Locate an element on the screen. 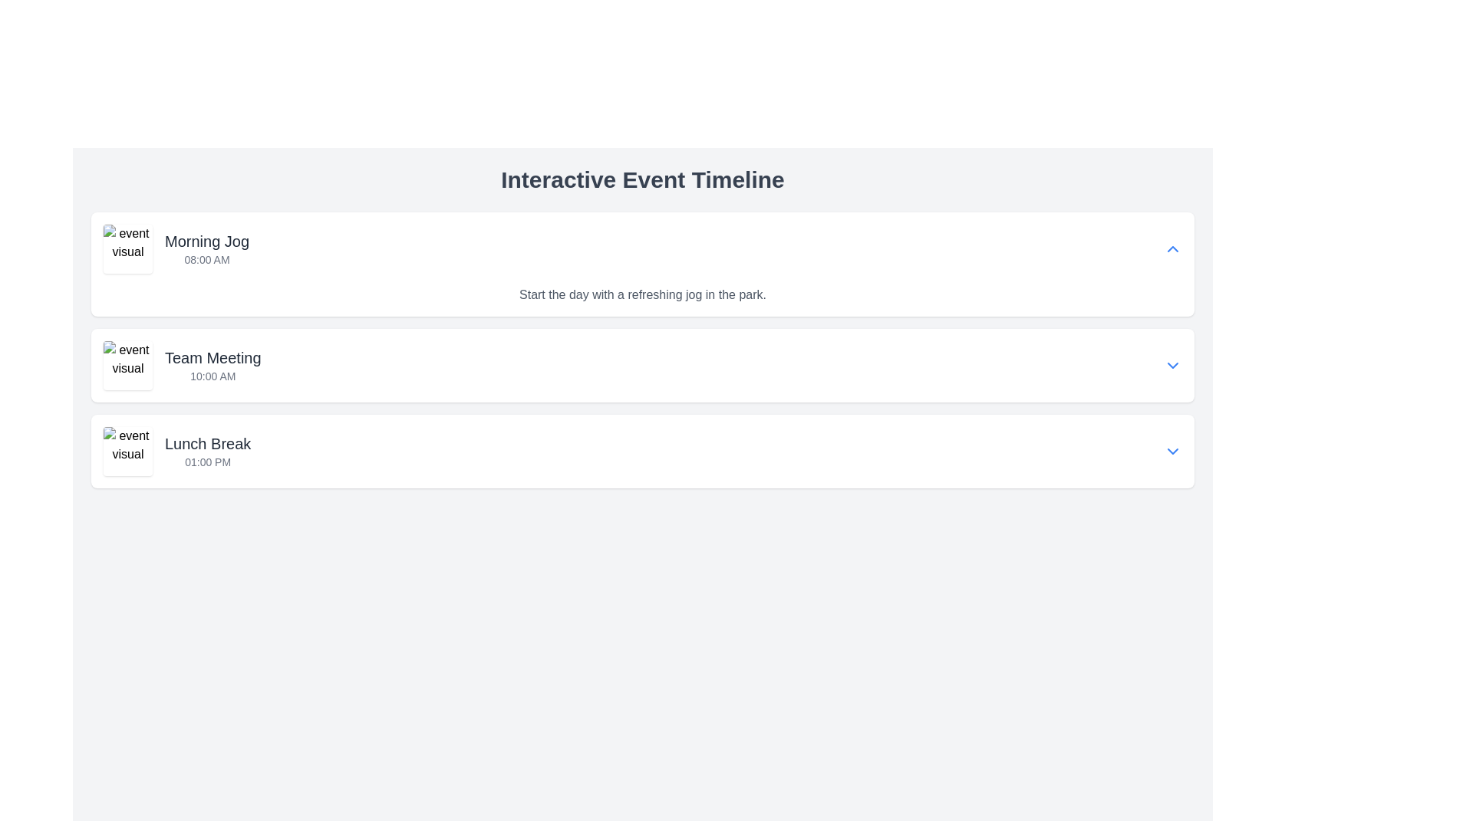 The height and width of the screenshot is (828, 1473). text from the 'Lunch Break' label, which is displayed in a larger, bold dark gray font at the top of the third event card in the timeline layout is located at coordinates (207, 443).